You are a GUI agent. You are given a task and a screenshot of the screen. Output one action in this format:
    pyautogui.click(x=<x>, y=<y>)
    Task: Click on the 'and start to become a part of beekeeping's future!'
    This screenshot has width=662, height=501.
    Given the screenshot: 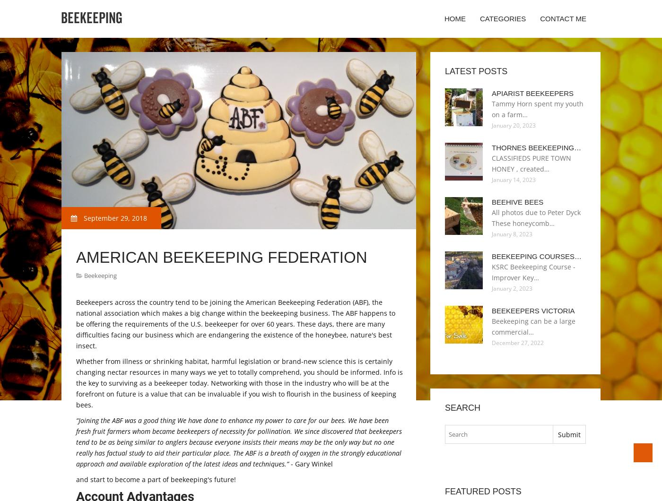 What is the action you would take?
    pyautogui.click(x=76, y=479)
    